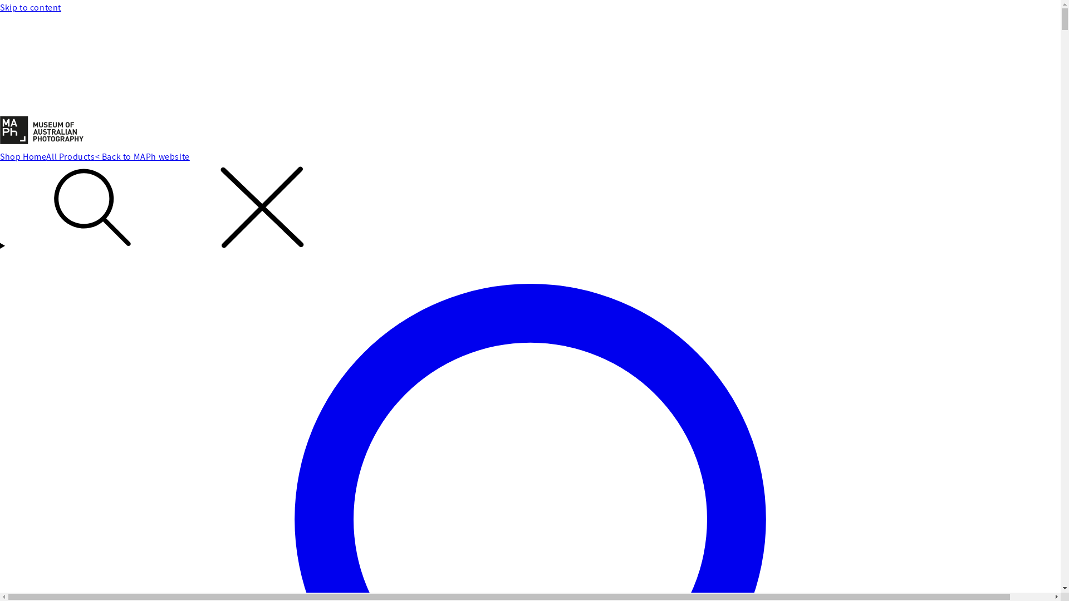 The width and height of the screenshot is (1069, 601). Describe the element at coordinates (529, 8) in the screenshot. I see `'Skip to content'` at that location.